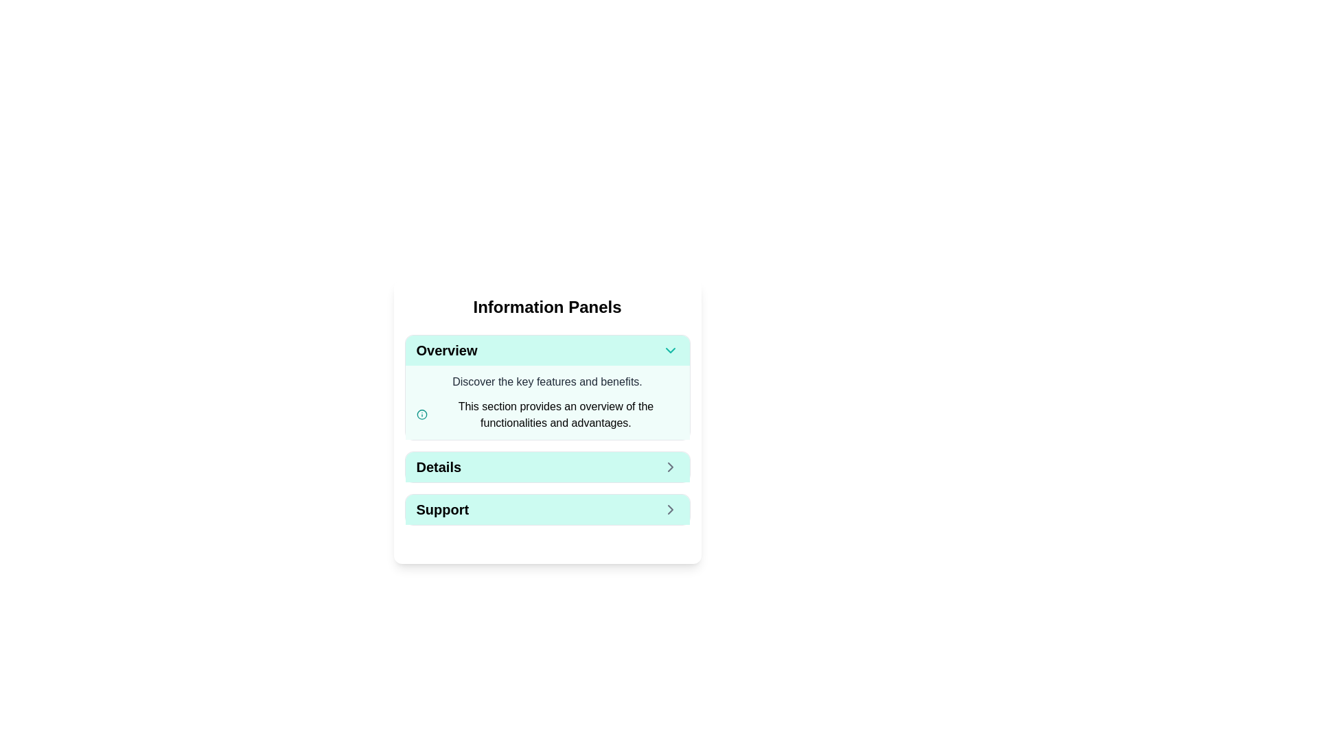 This screenshot has width=1318, height=741. I want to click on the navigation button located in the middle section of the 'Information Panels', so click(546, 467).